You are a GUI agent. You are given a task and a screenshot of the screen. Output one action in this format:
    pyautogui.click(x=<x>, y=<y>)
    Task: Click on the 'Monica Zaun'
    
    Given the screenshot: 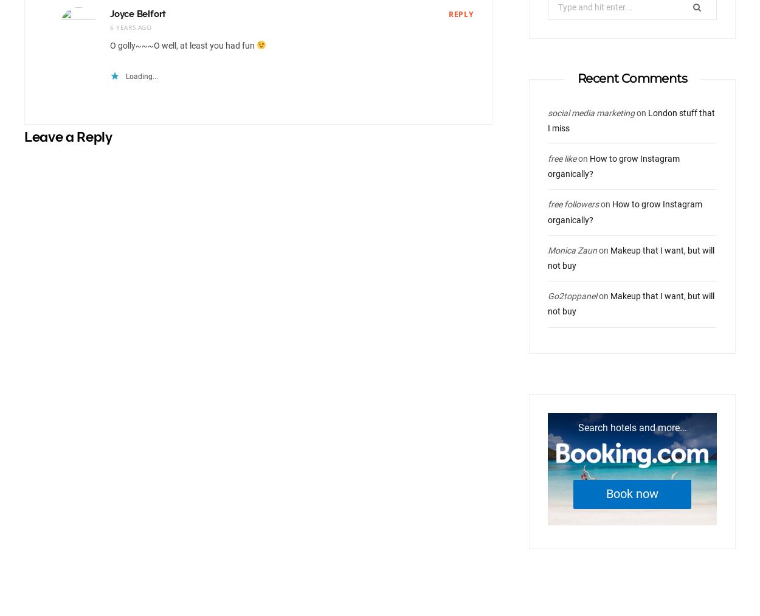 What is the action you would take?
    pyautogui.click(x=572, y=249)
    